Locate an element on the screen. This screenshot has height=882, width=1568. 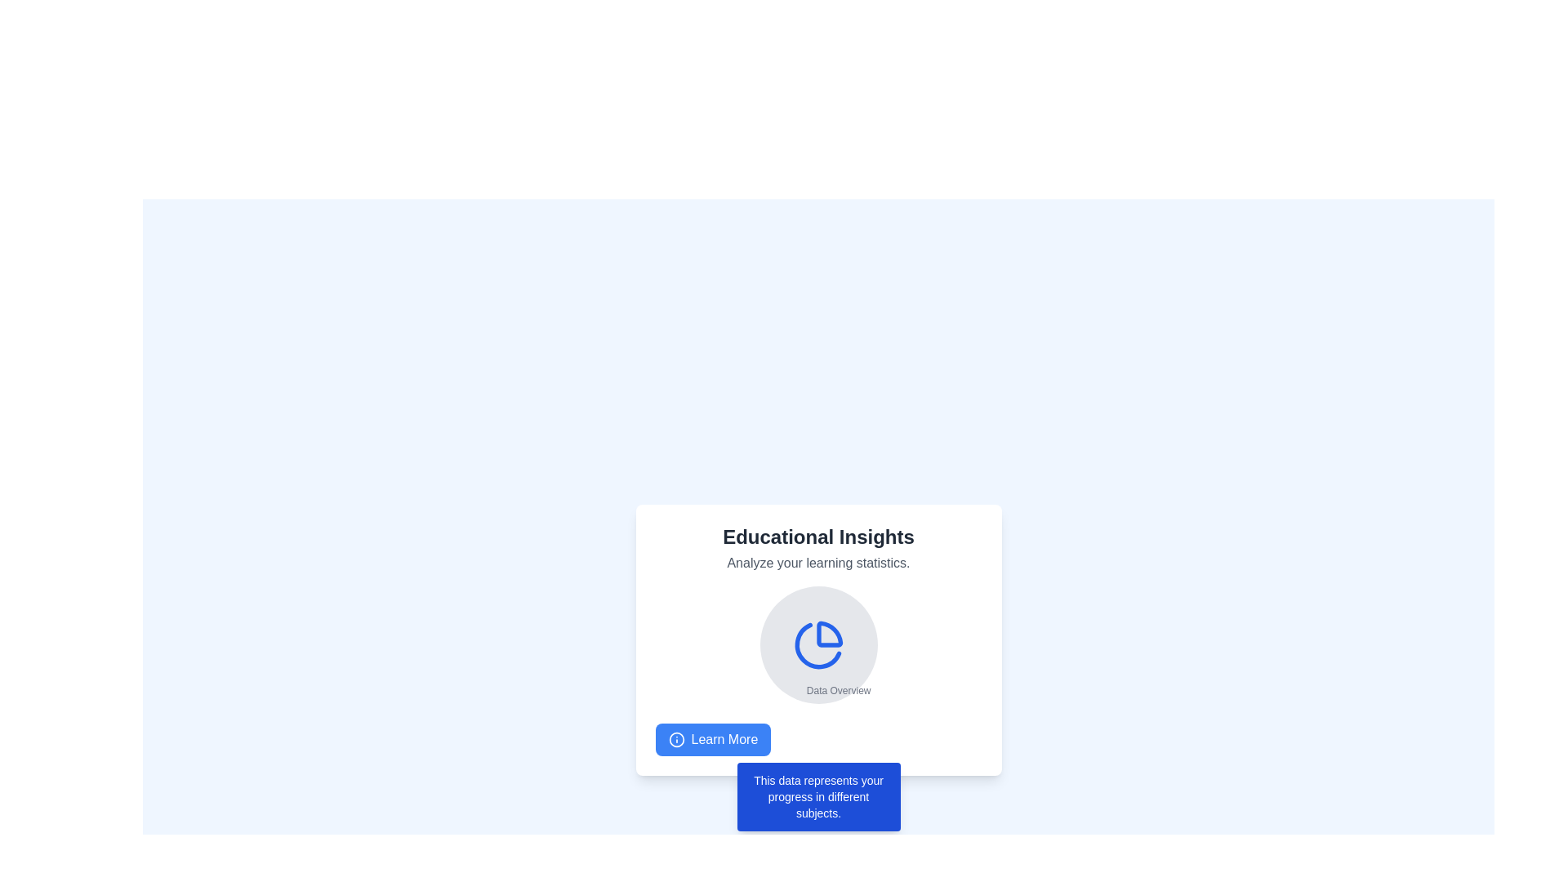
the SVG icon located inside the 'Learn More' button, which is positioned immediately to the left of the 'Learn More' text within a blue rectangular button is located at coordinates (676, 740).